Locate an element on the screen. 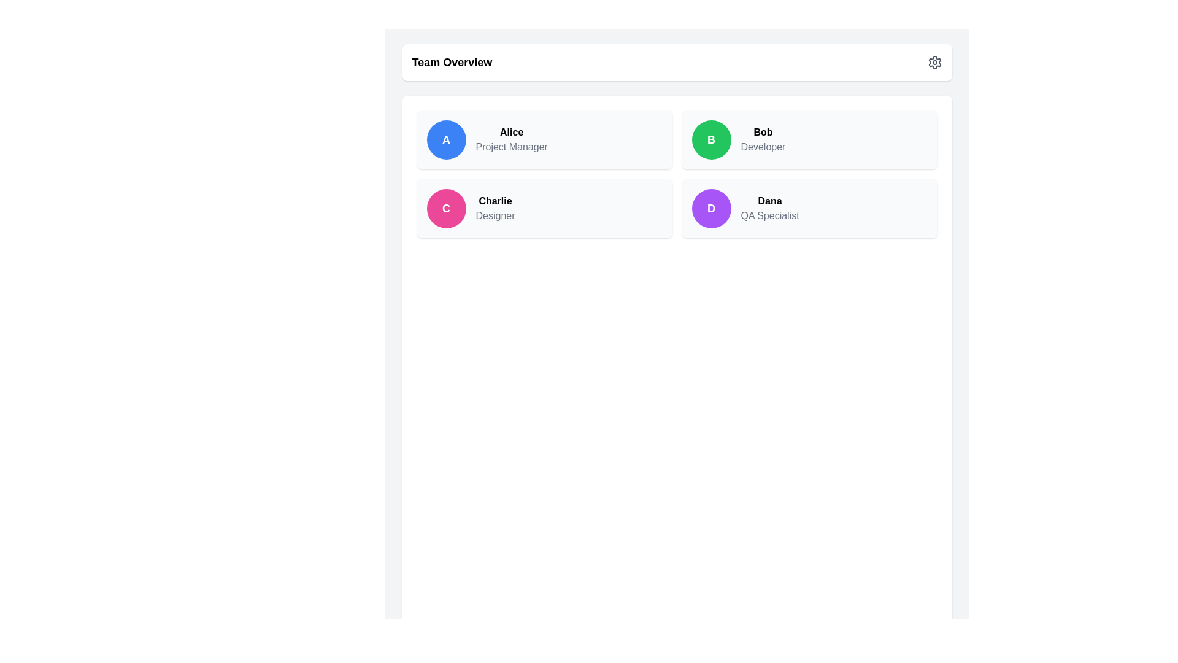  the Information card displaying details for team member Alice, which includes her name, role, and avatar, located in the top-left corner of the grid layout is located at coordinates (544, 139).